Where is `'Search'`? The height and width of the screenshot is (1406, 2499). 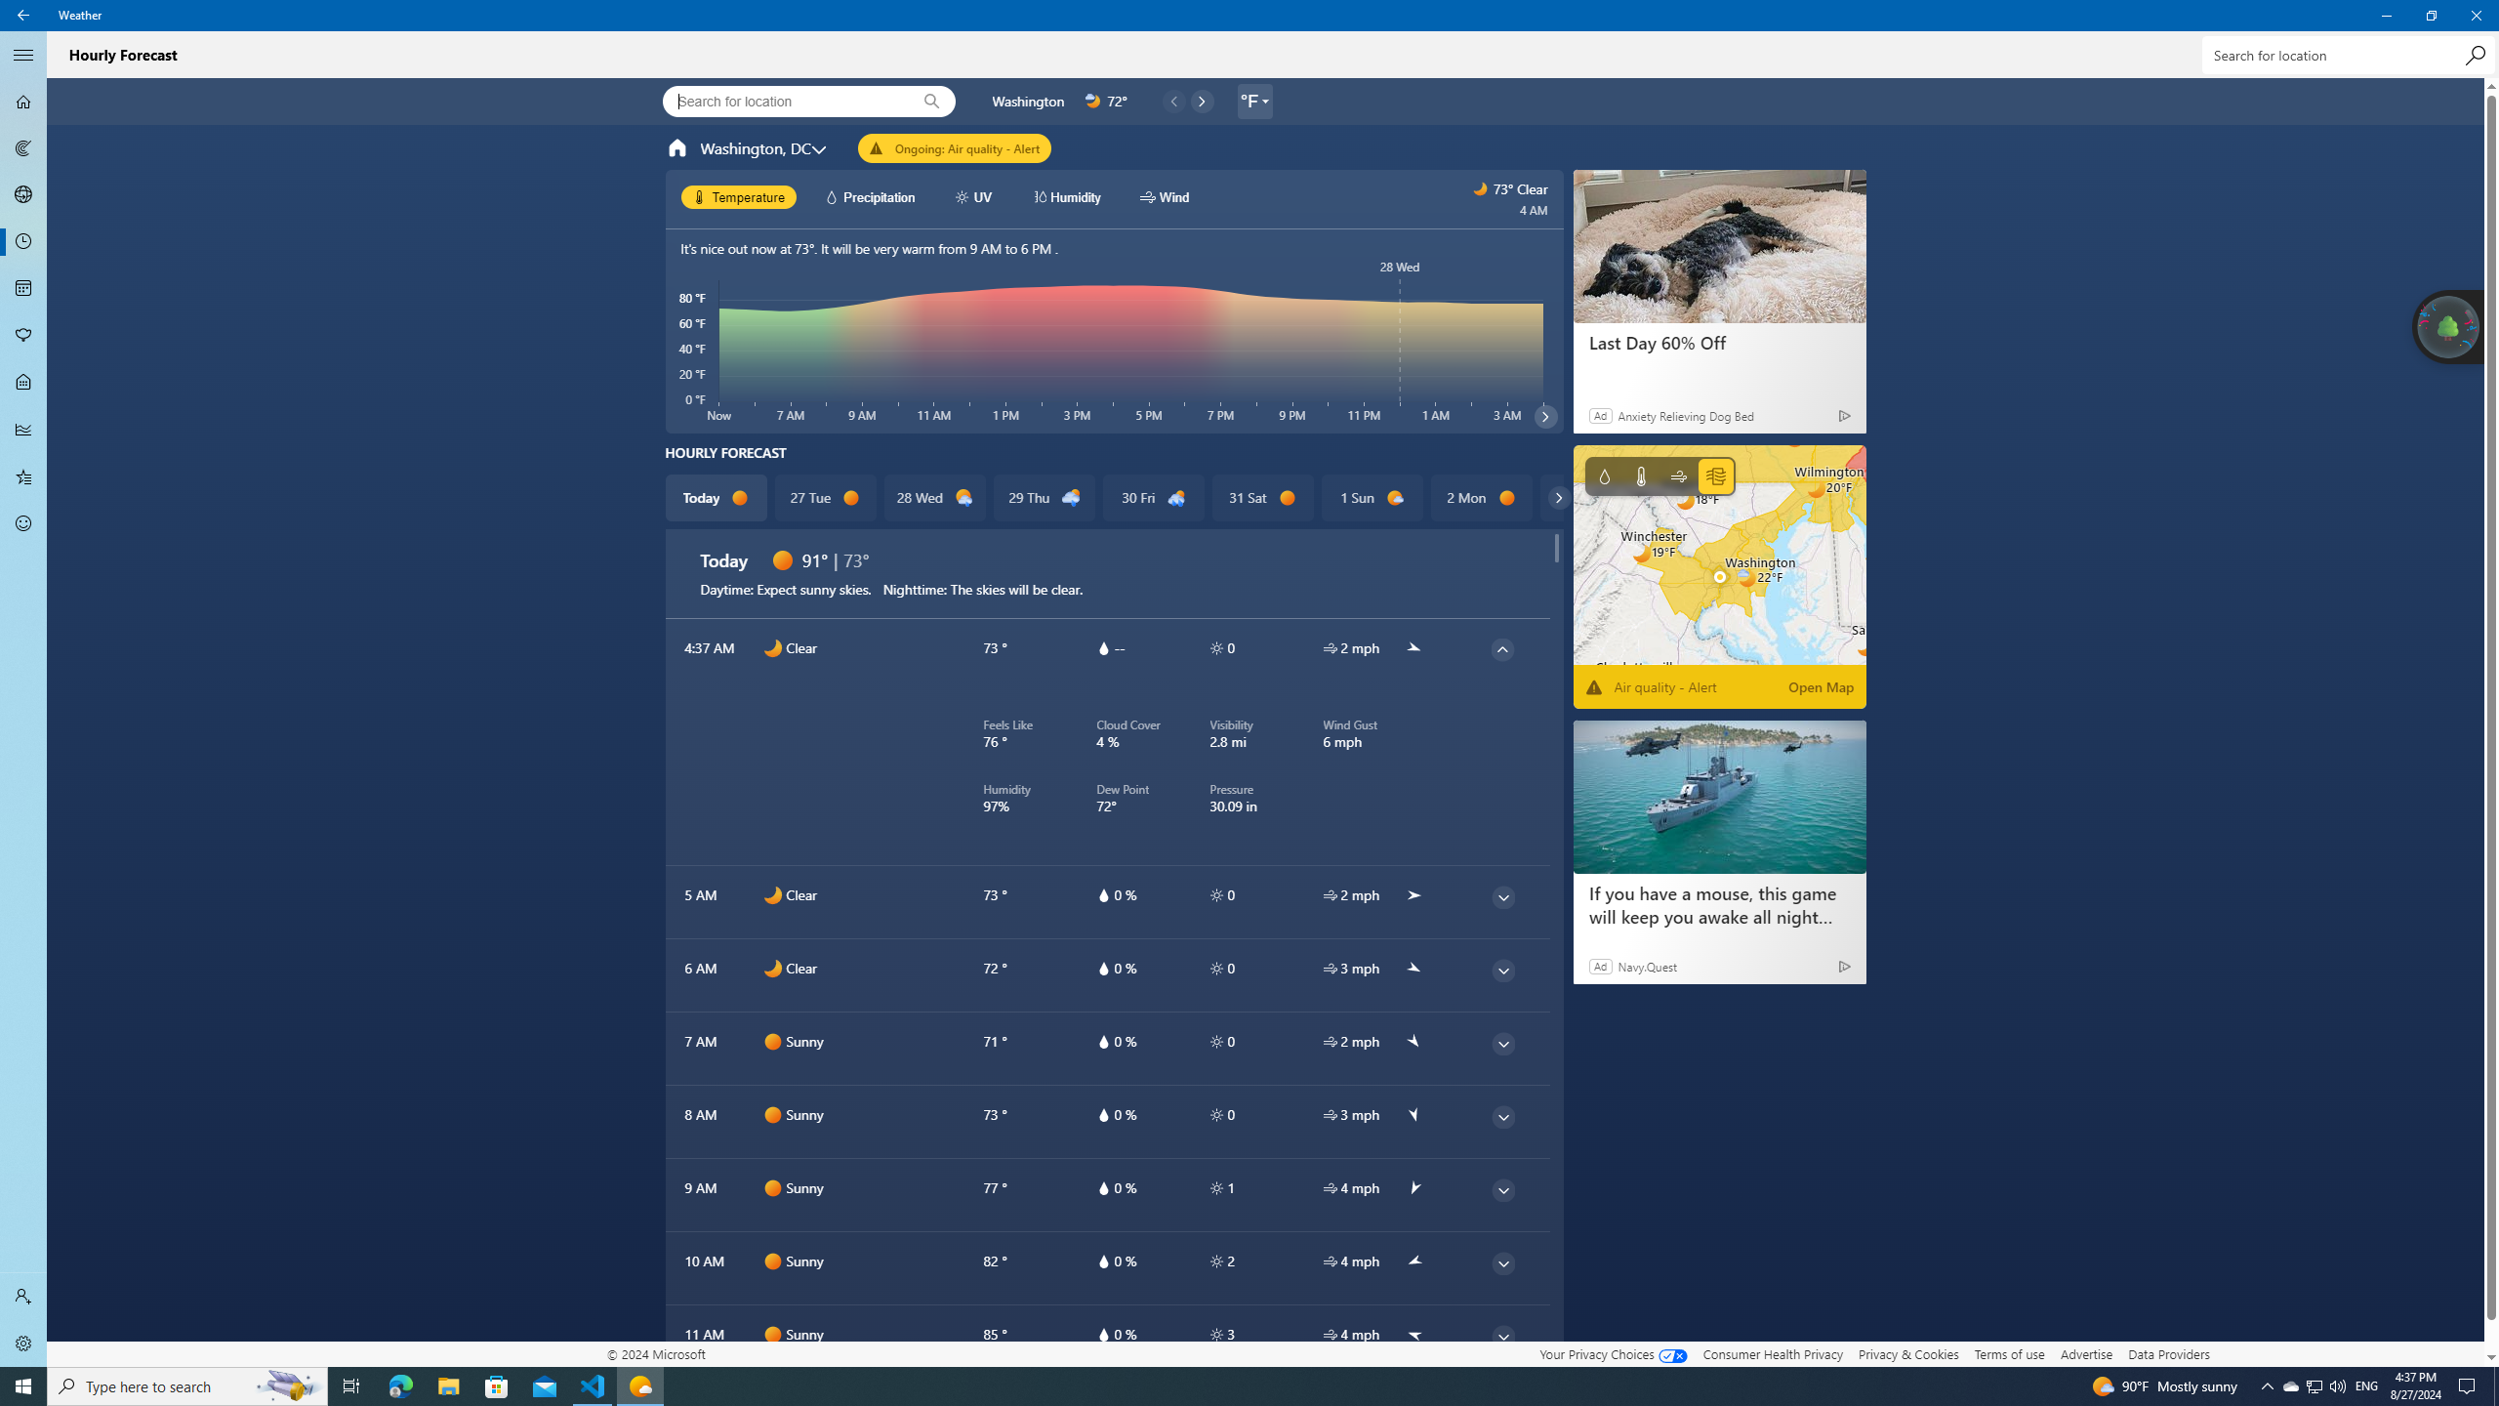 'Search' is located at coordinates (2475, 54).